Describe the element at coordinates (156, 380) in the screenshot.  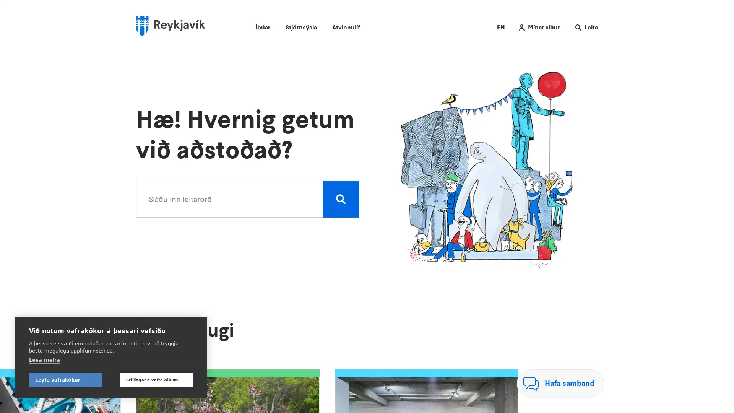
I see `Stillingar a vafrakokum` at that location.